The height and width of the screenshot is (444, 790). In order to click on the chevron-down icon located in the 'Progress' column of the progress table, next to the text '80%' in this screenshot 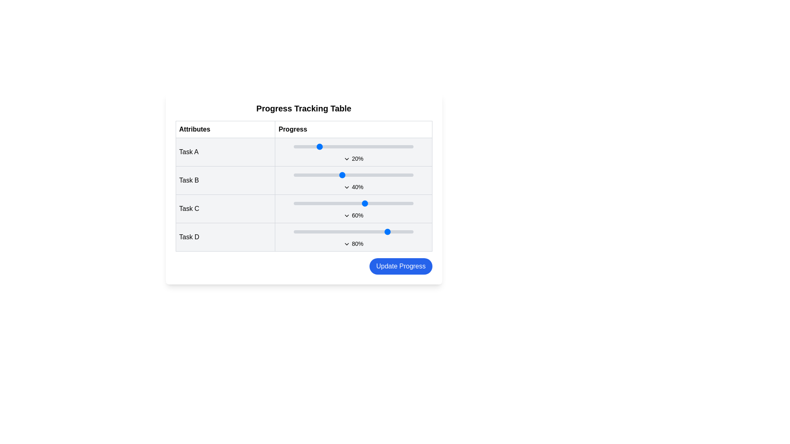, I will do `click(347, 244)`.